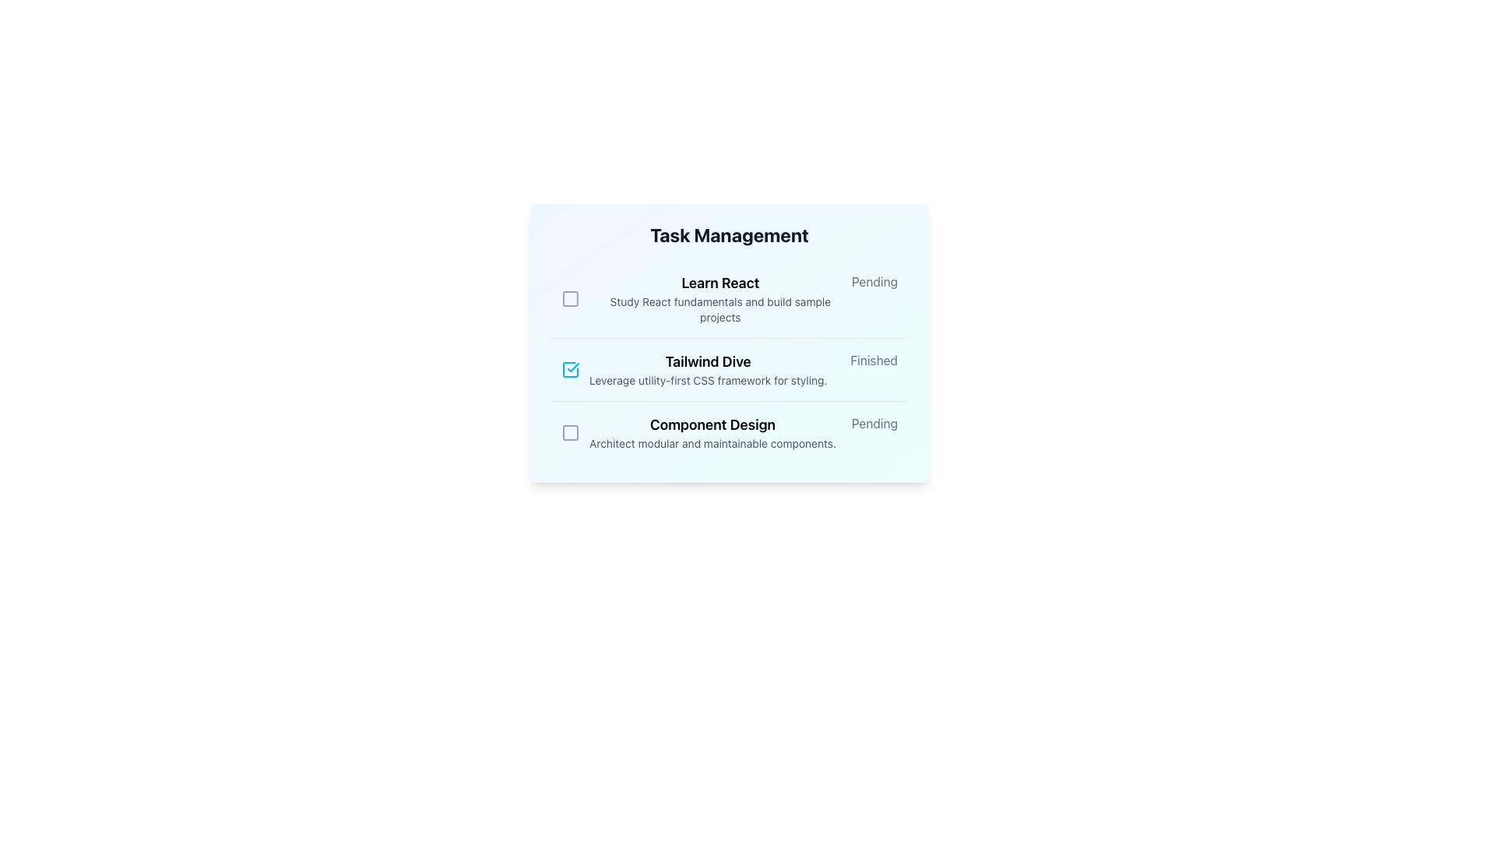 The image size is (1495, 841). Describe the element at coordinates (570, 432) in the screenshot. I see `the checkbox associated with the 'Component Design' task item` at that location.